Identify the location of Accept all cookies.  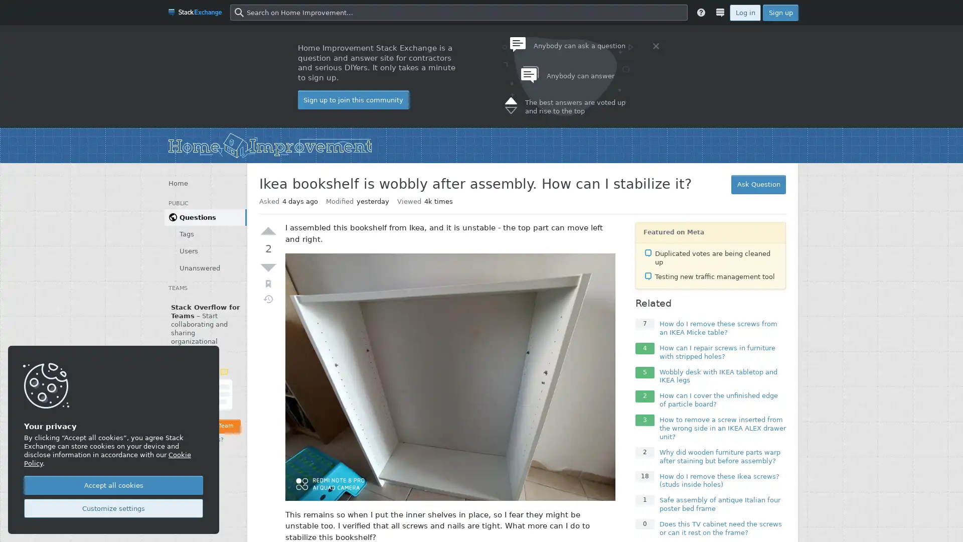
(113, 485).